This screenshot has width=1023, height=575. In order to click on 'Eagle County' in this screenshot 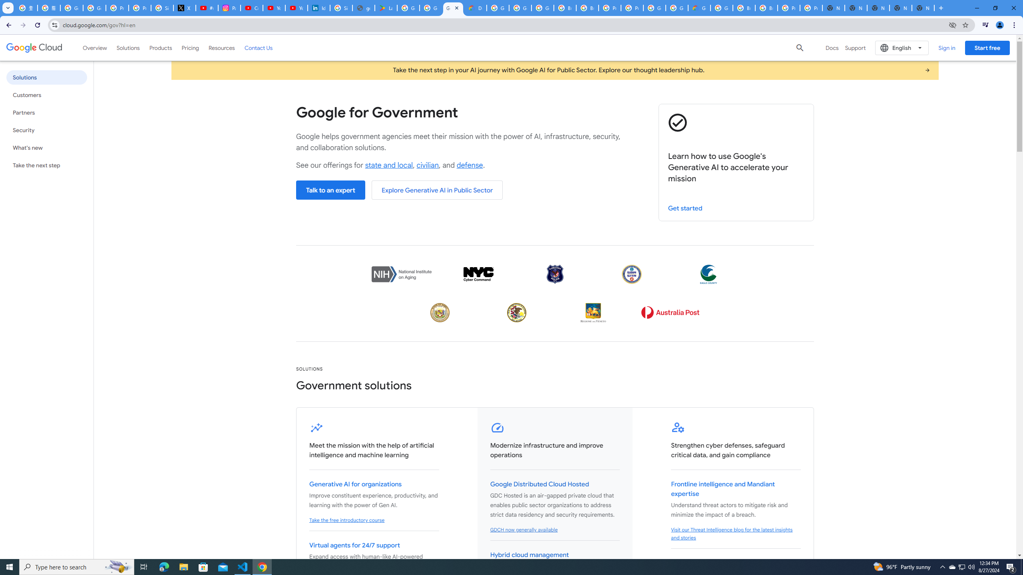, I will do `click(708, 274)`.